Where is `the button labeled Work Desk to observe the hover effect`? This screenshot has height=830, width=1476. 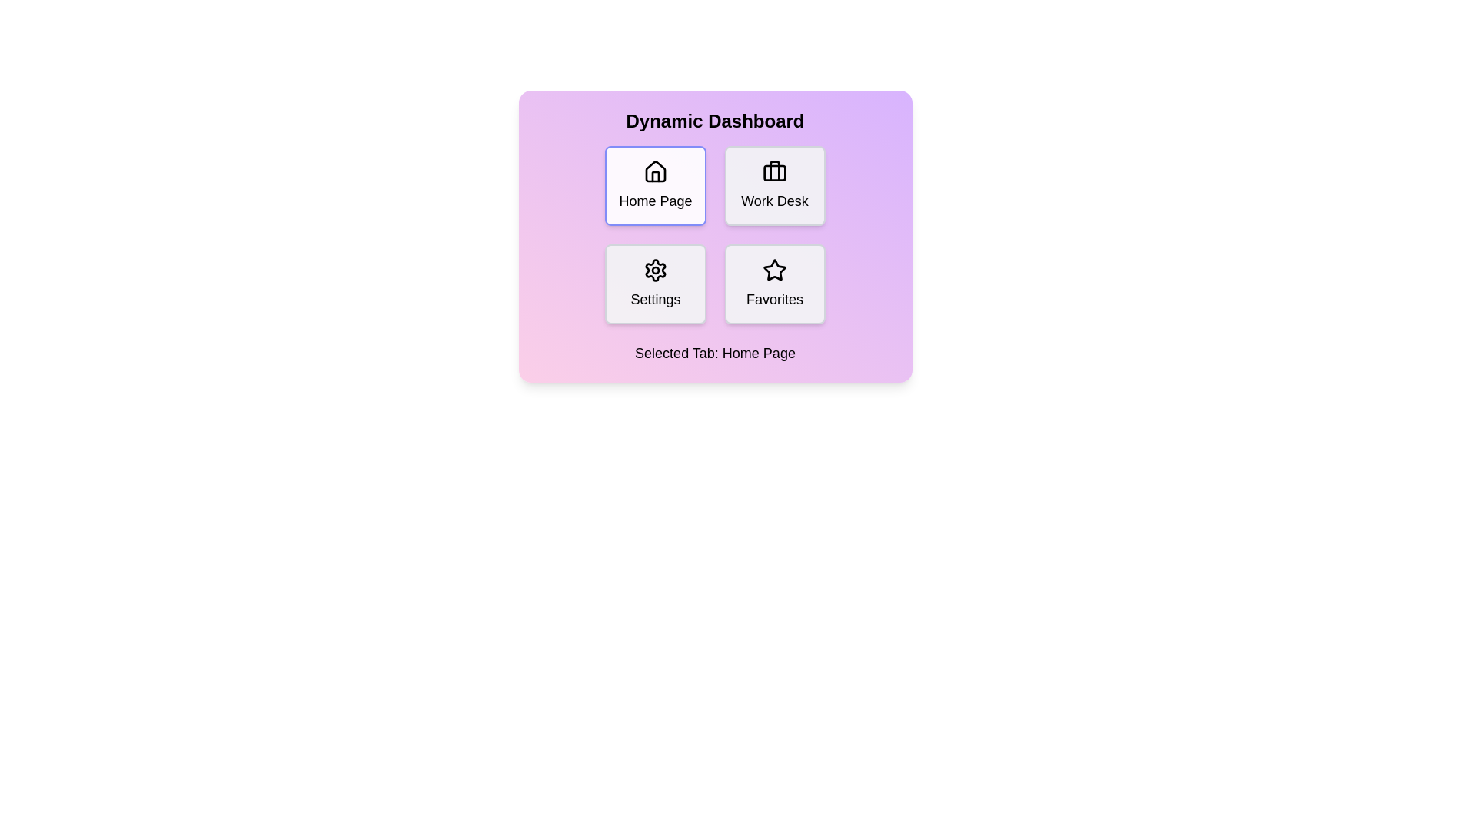 the button labeled Work Desk to observe the hover effect is located at coordinates (775, 185).